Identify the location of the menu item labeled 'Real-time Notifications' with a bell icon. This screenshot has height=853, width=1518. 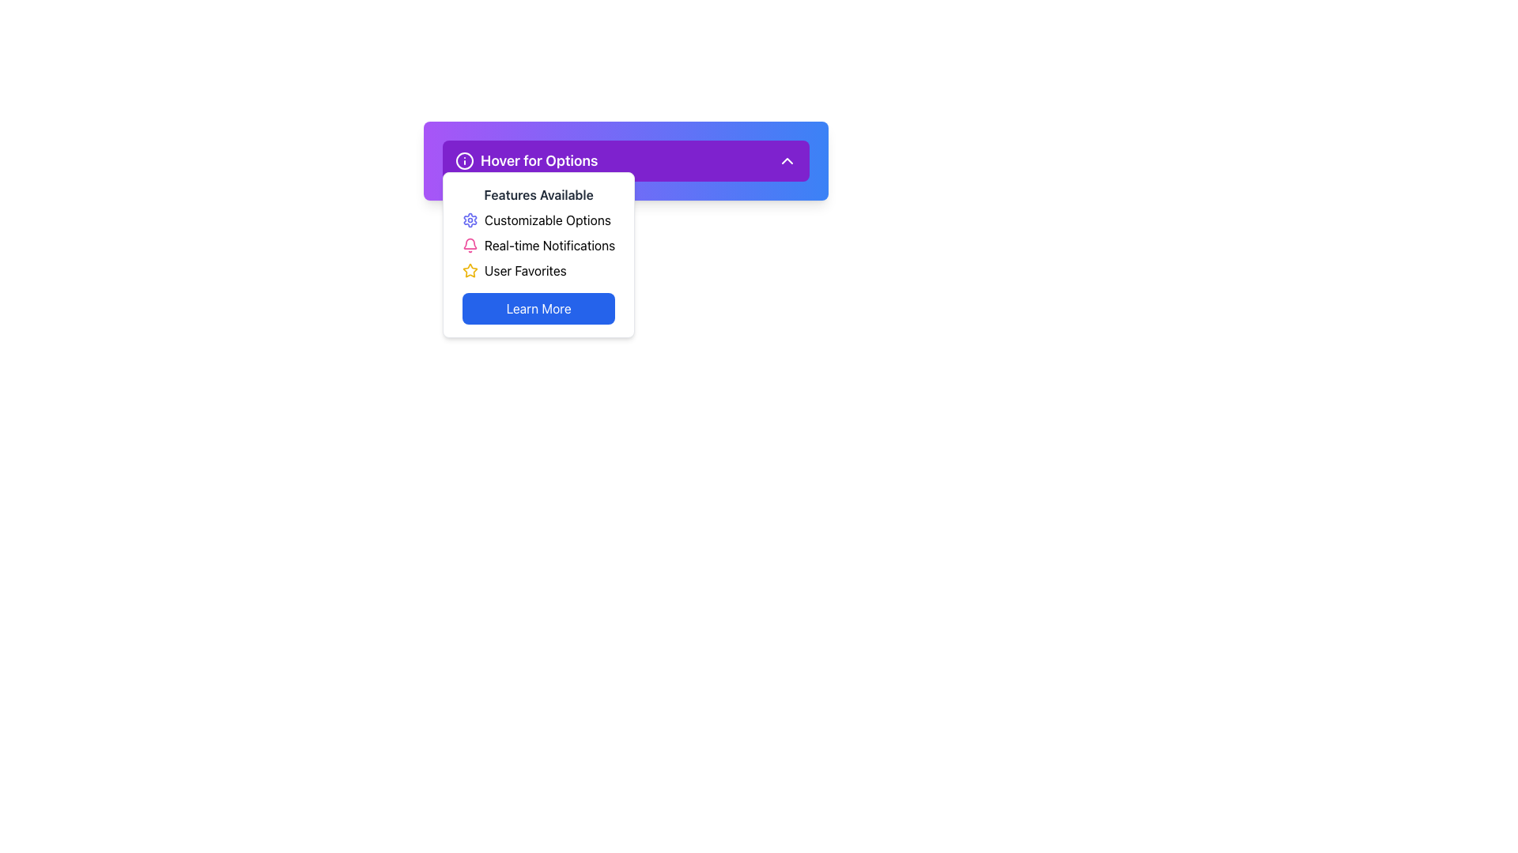
(538, 246).